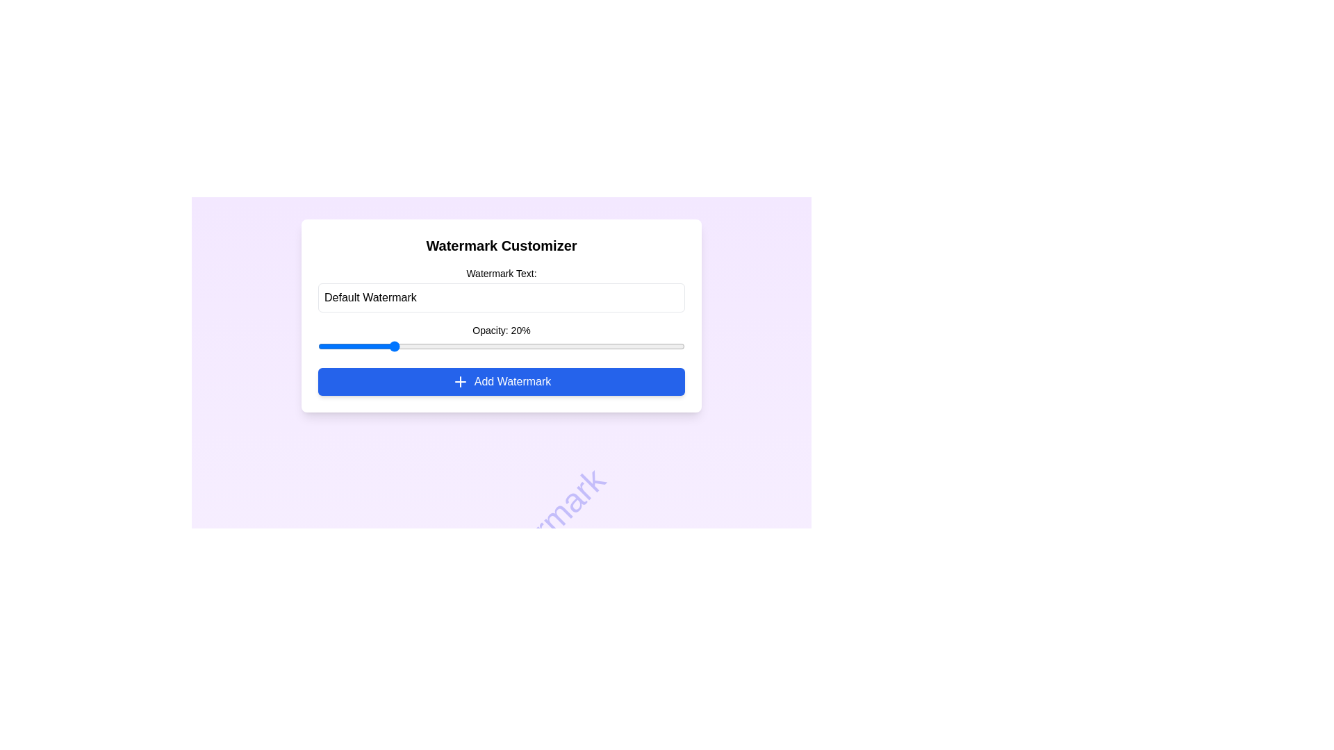  I want to click on the plus icon, which is part of the 'Add Watermark' button, located towards the left side of the button and displayed in white on a blue background, so click(460, 382).